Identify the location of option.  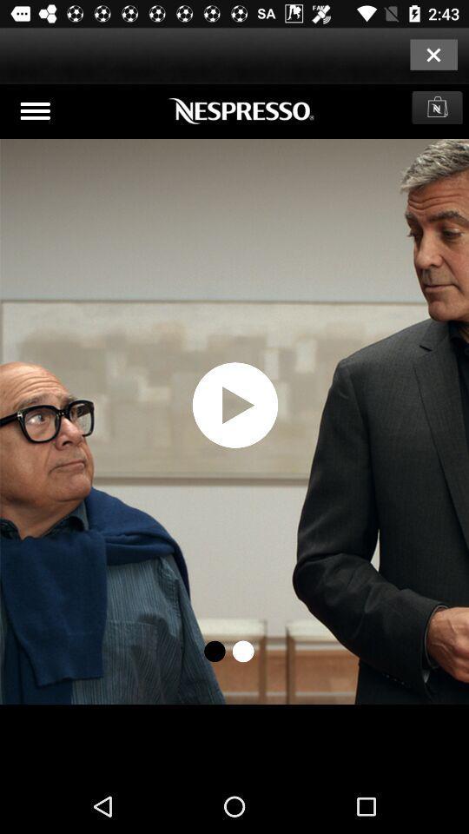
(433, 54).